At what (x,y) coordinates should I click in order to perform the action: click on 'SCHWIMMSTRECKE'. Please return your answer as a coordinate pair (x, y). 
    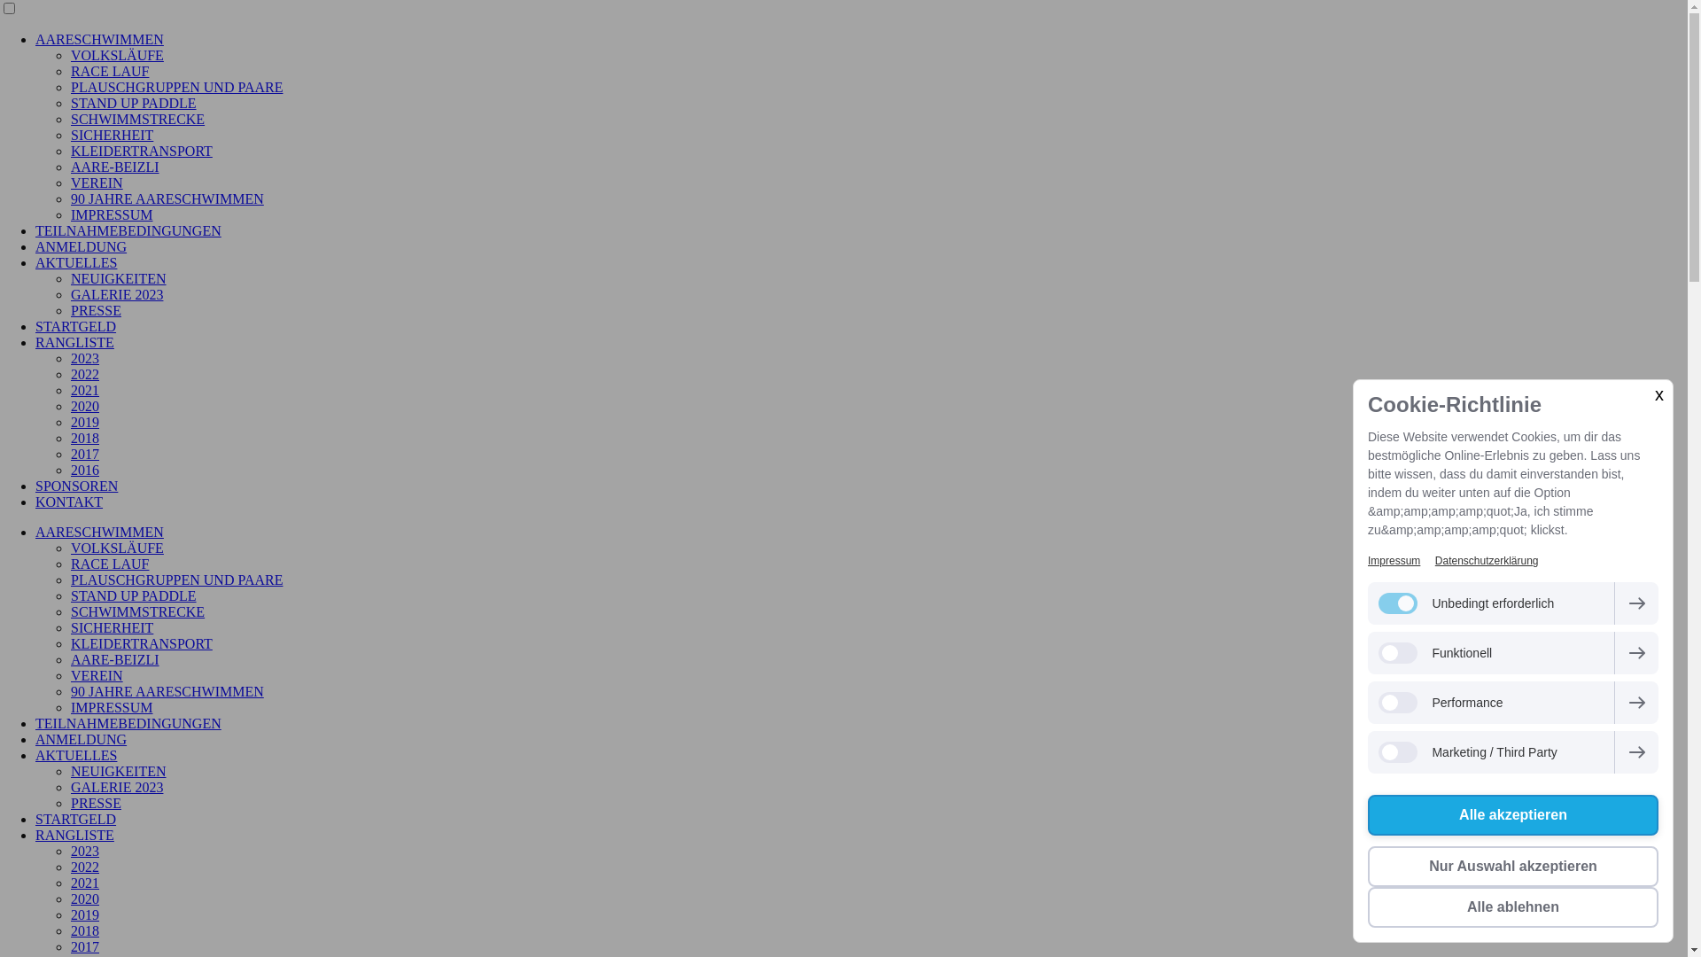
    Looking at the image, I should click on (136, 611).